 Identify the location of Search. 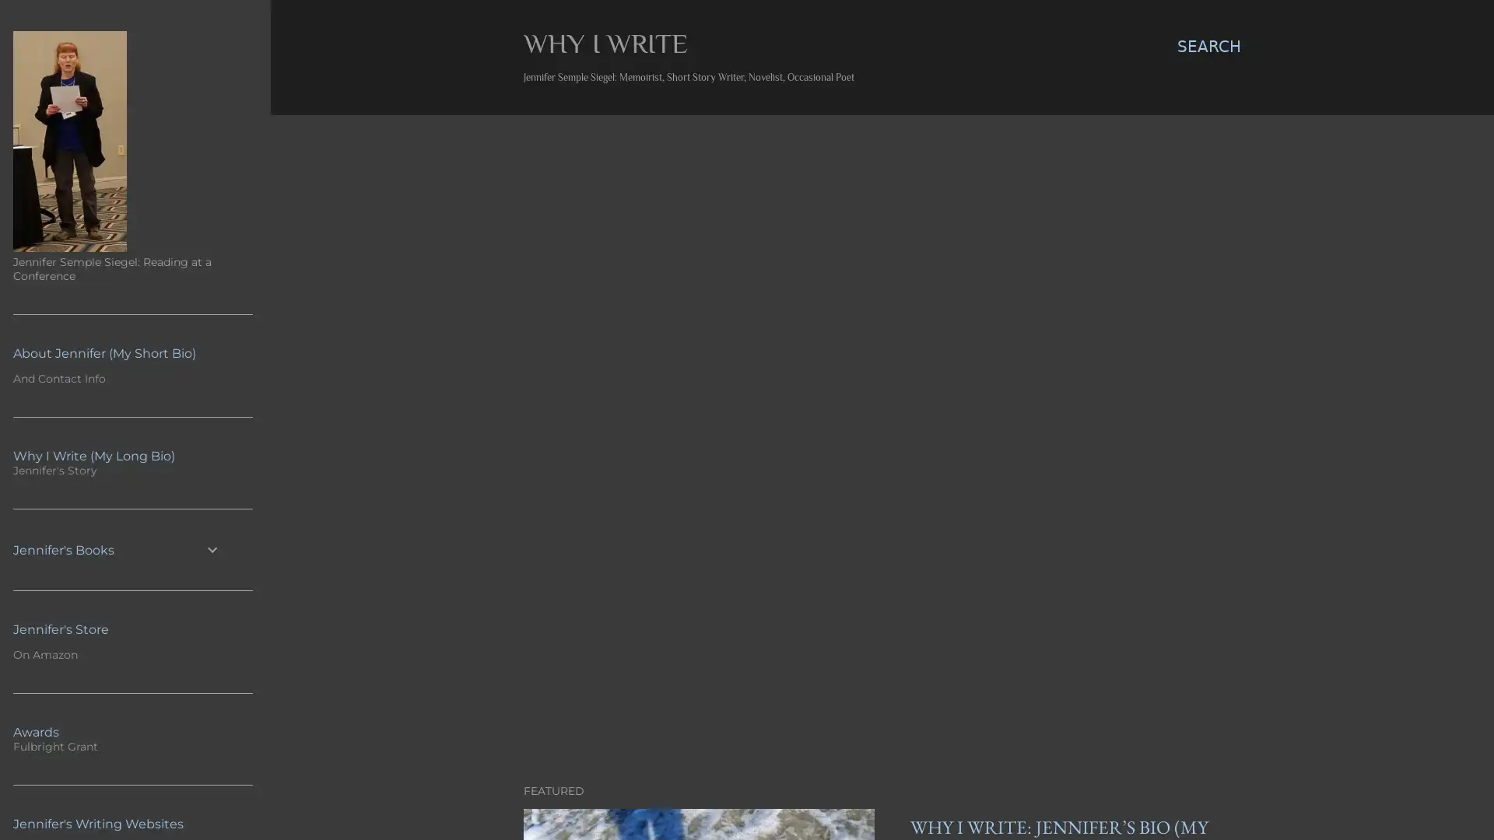
(1208, 46).